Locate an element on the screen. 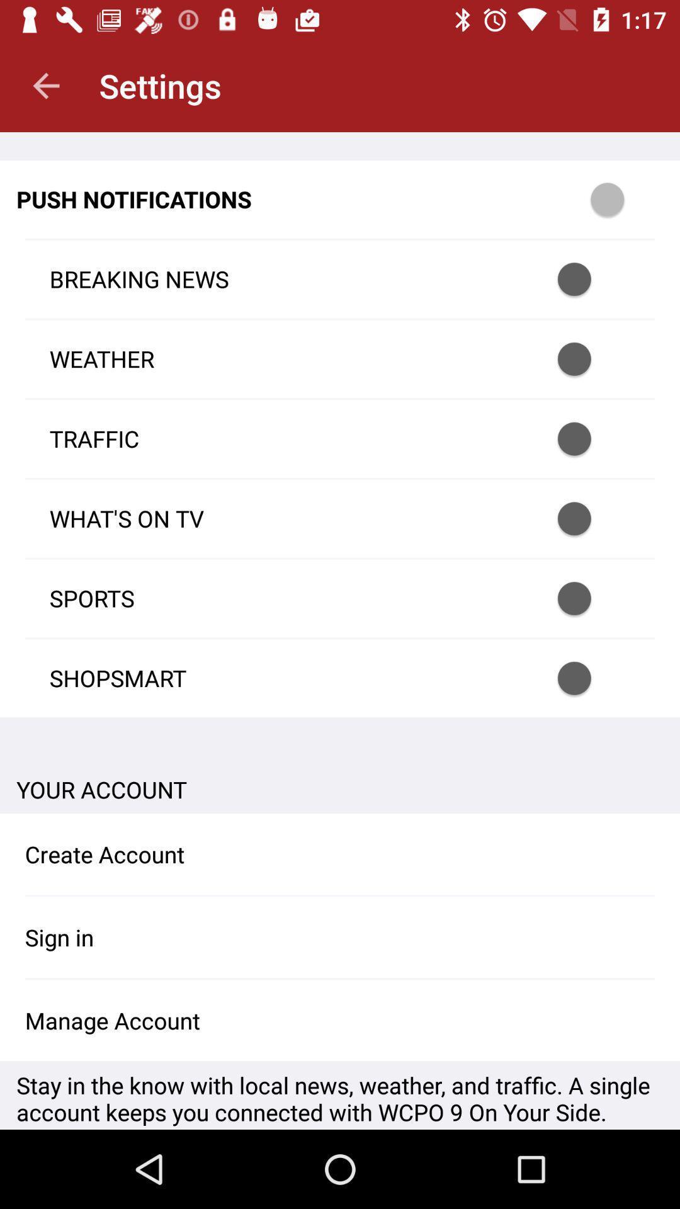 The height and width of the screenshot is (1209, 680). push notifications option is located at coordinates (624, 198).